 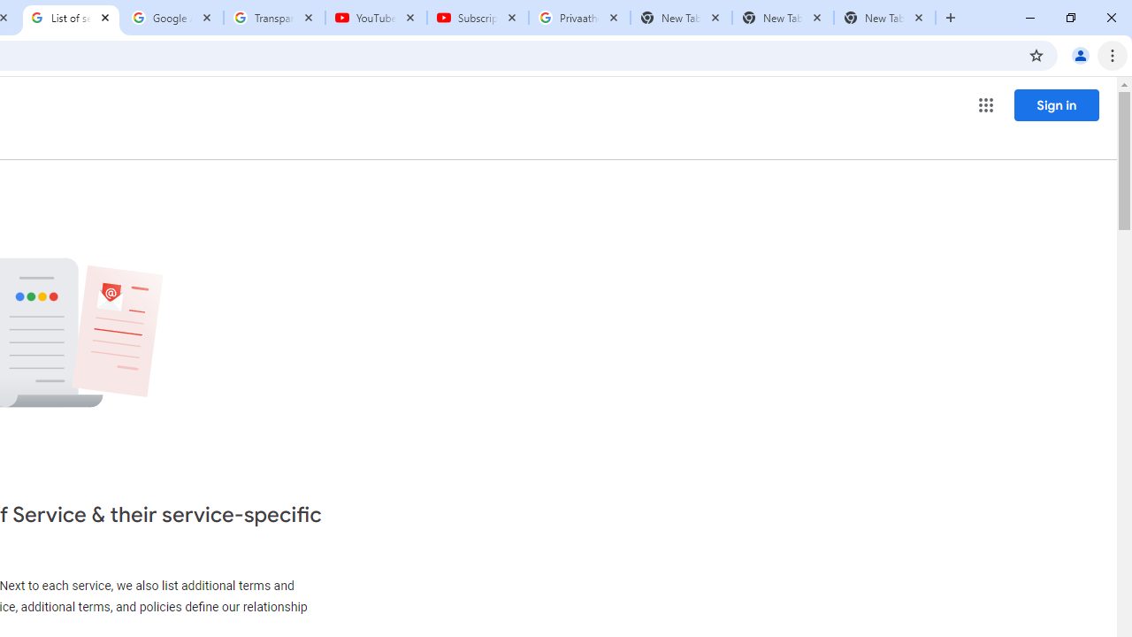 I want to click on 'New Tab', so click(x=884, y=18).